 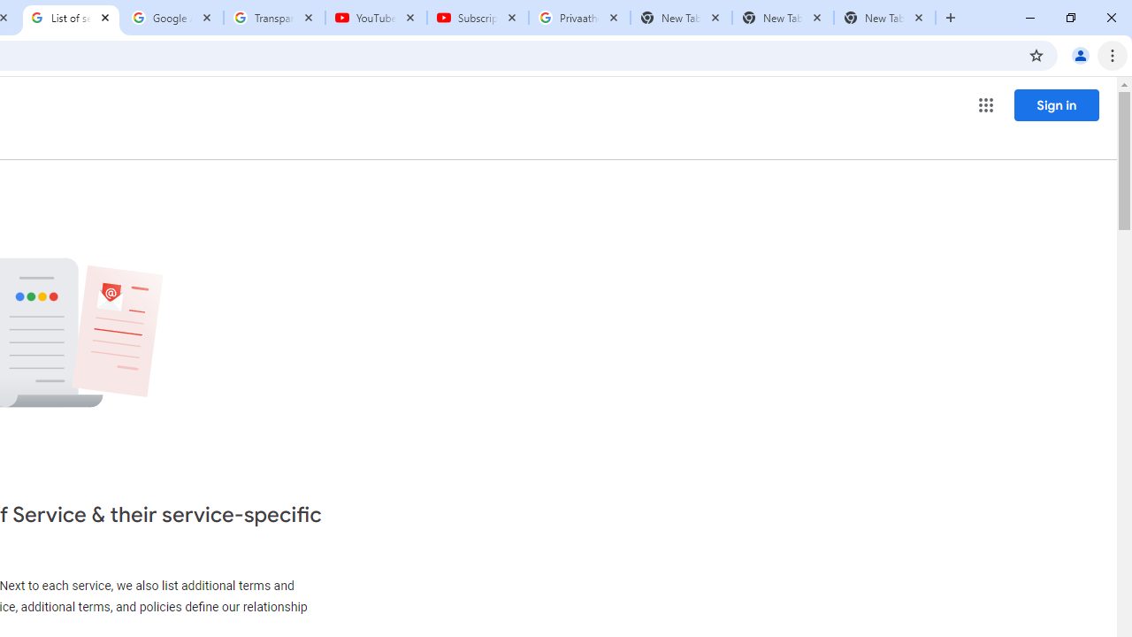 I want to click on 'New Tab', so click(x=884, y=18).